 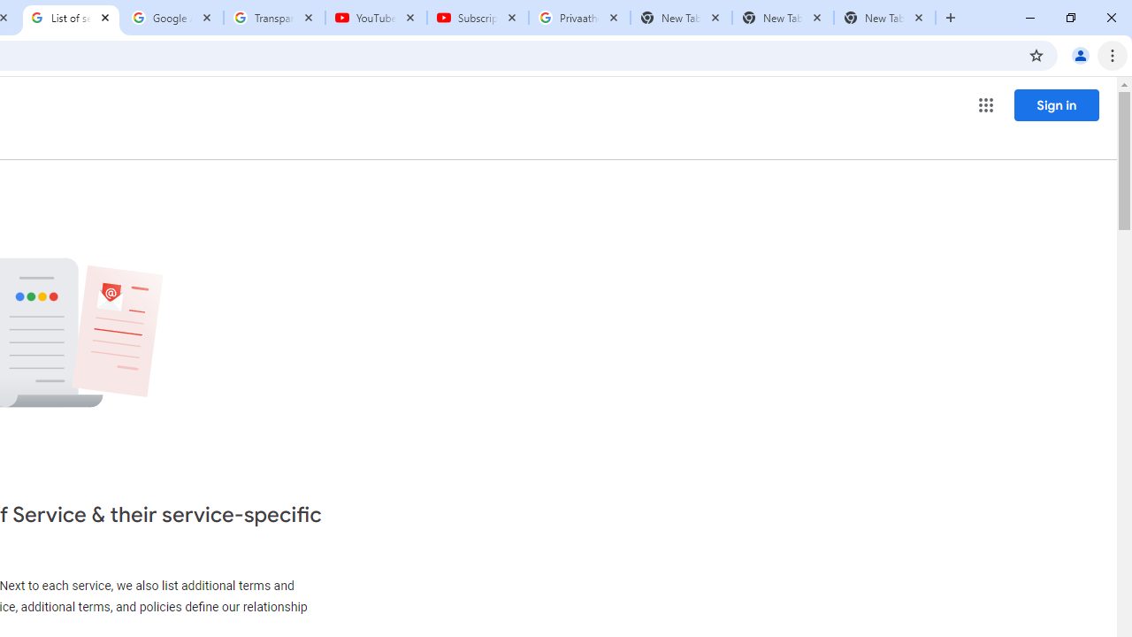 I want to click on 'New Tab', so click(x=884, y=18).